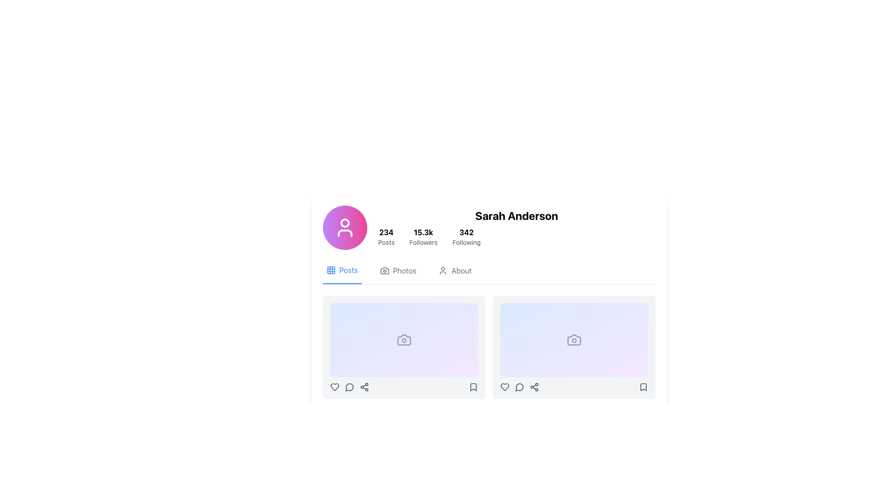  Describe the element at coordinates (519, 387) in the screenshot. I see `the circular speech bubble icon located at the bottom right of the second image preview` at that location.